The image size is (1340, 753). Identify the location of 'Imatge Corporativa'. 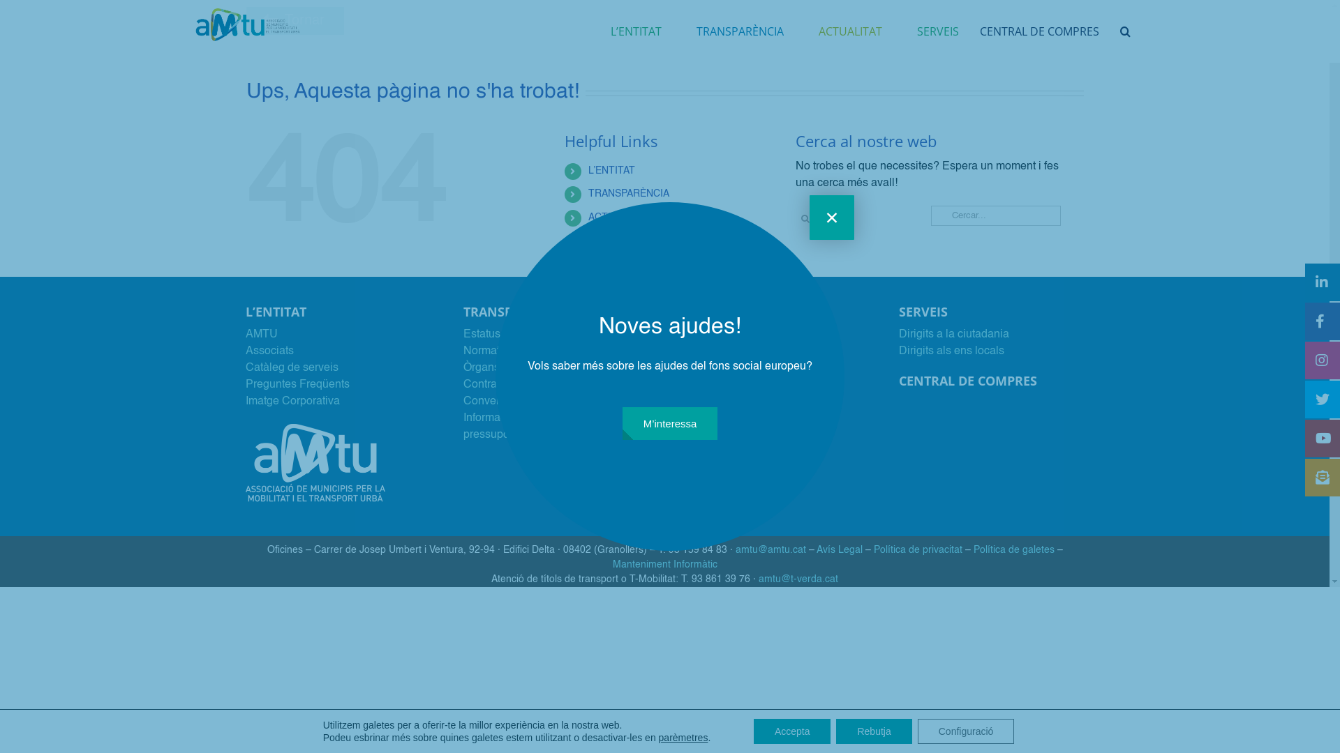
(292, 401).